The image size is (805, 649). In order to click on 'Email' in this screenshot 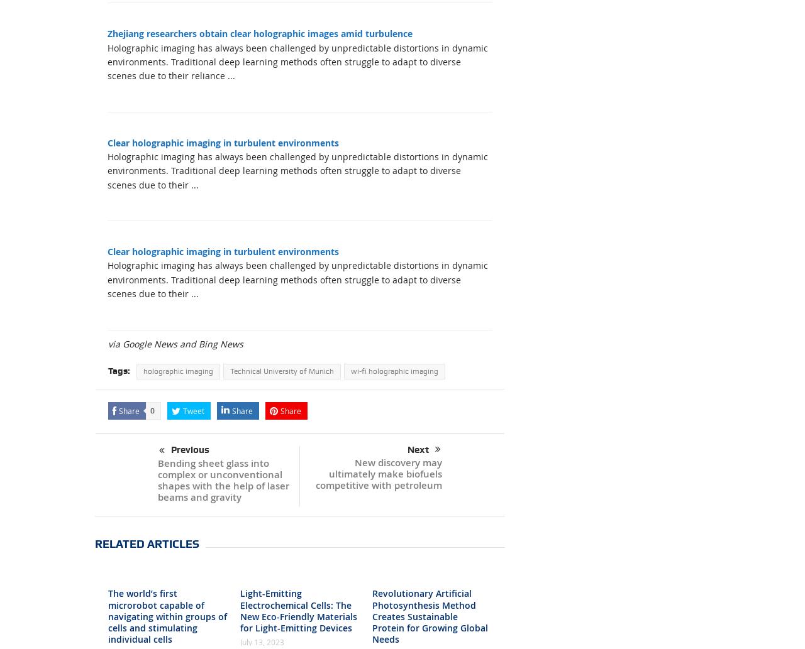, I will do `click(232, 373)`.